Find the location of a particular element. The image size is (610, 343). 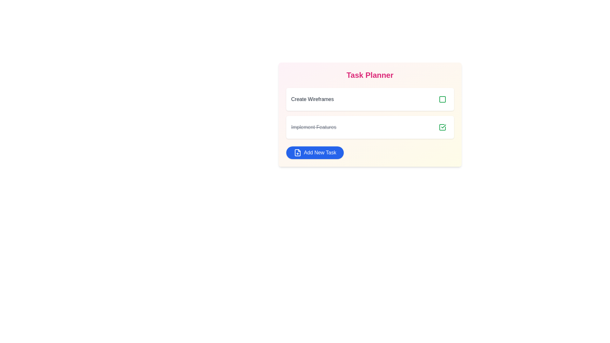

the 'Add Task' button located at the bottom of the 'Task Planner' task card is located at coordinates (315, 153).